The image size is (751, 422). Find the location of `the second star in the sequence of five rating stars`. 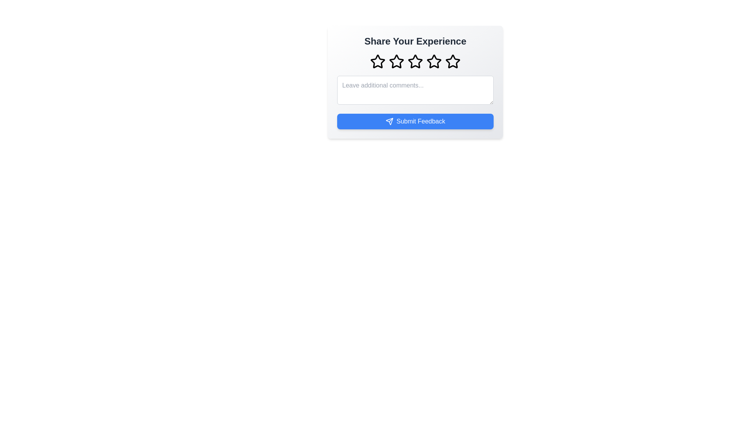

the second star in the sequence of five rating stars is located at coordinates (396, 61).